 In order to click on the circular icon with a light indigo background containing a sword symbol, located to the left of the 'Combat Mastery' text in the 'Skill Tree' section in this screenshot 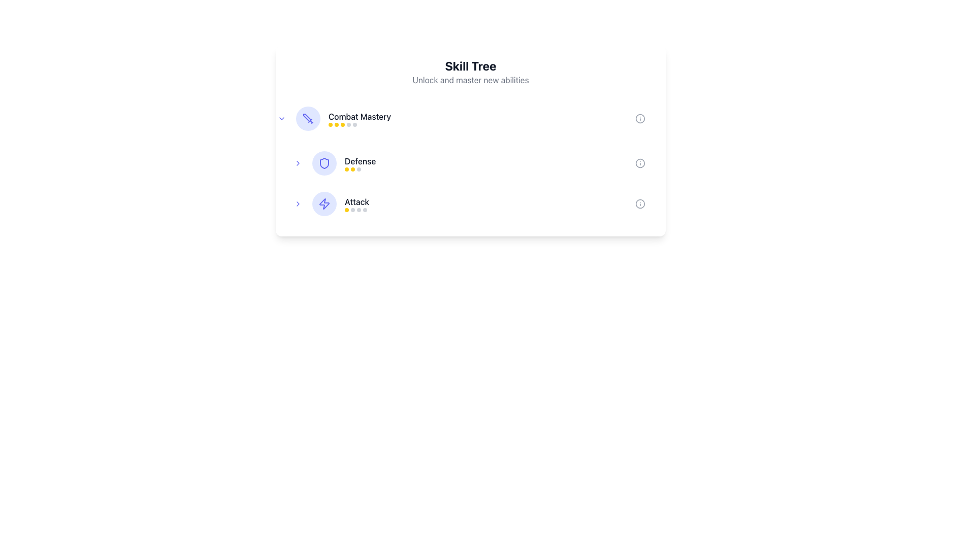, I will do `click(307, 118)`.